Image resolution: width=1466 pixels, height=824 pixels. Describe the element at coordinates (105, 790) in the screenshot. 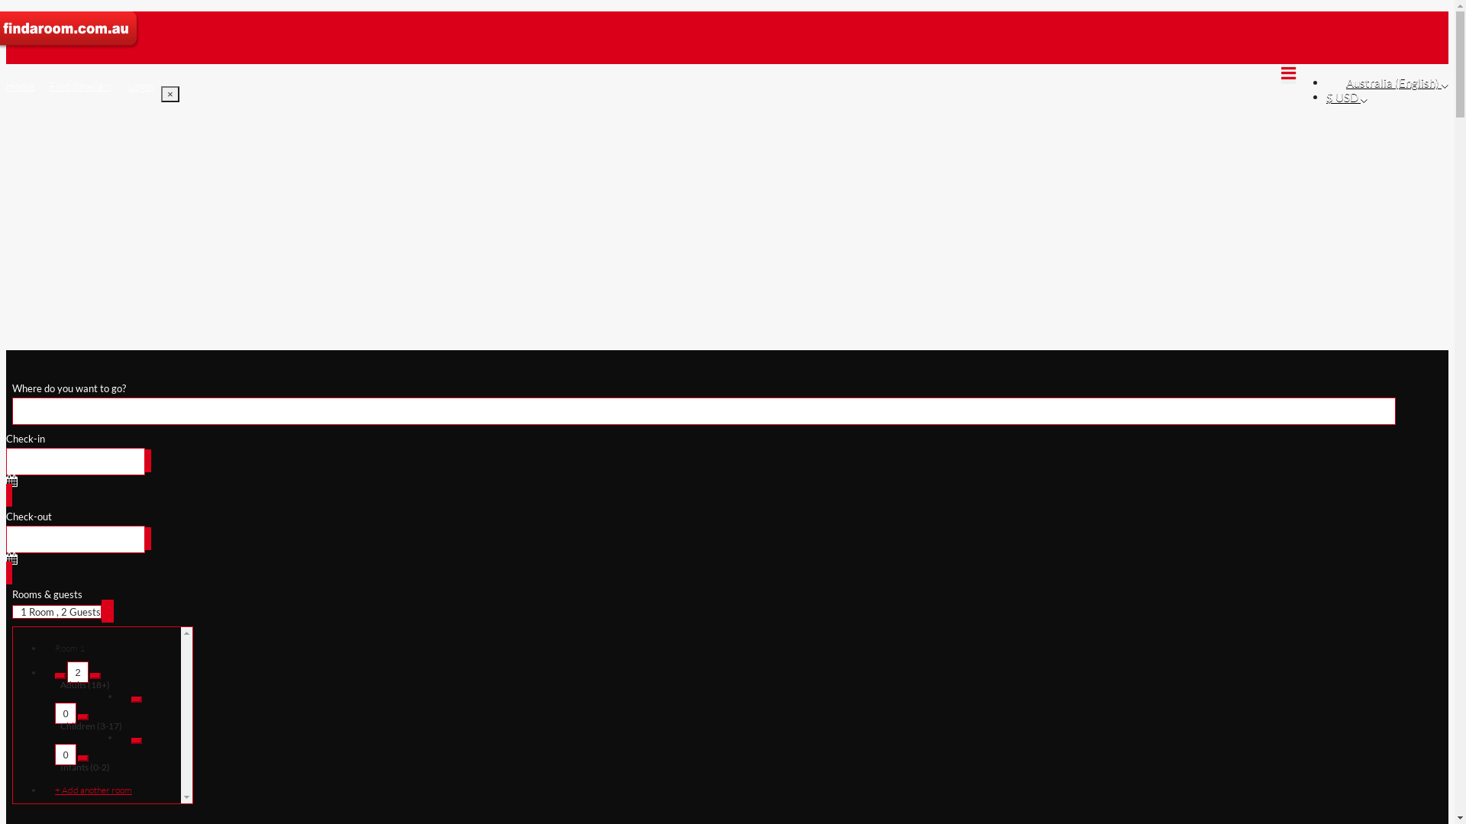

I see `'+ Add another room'` at that location.